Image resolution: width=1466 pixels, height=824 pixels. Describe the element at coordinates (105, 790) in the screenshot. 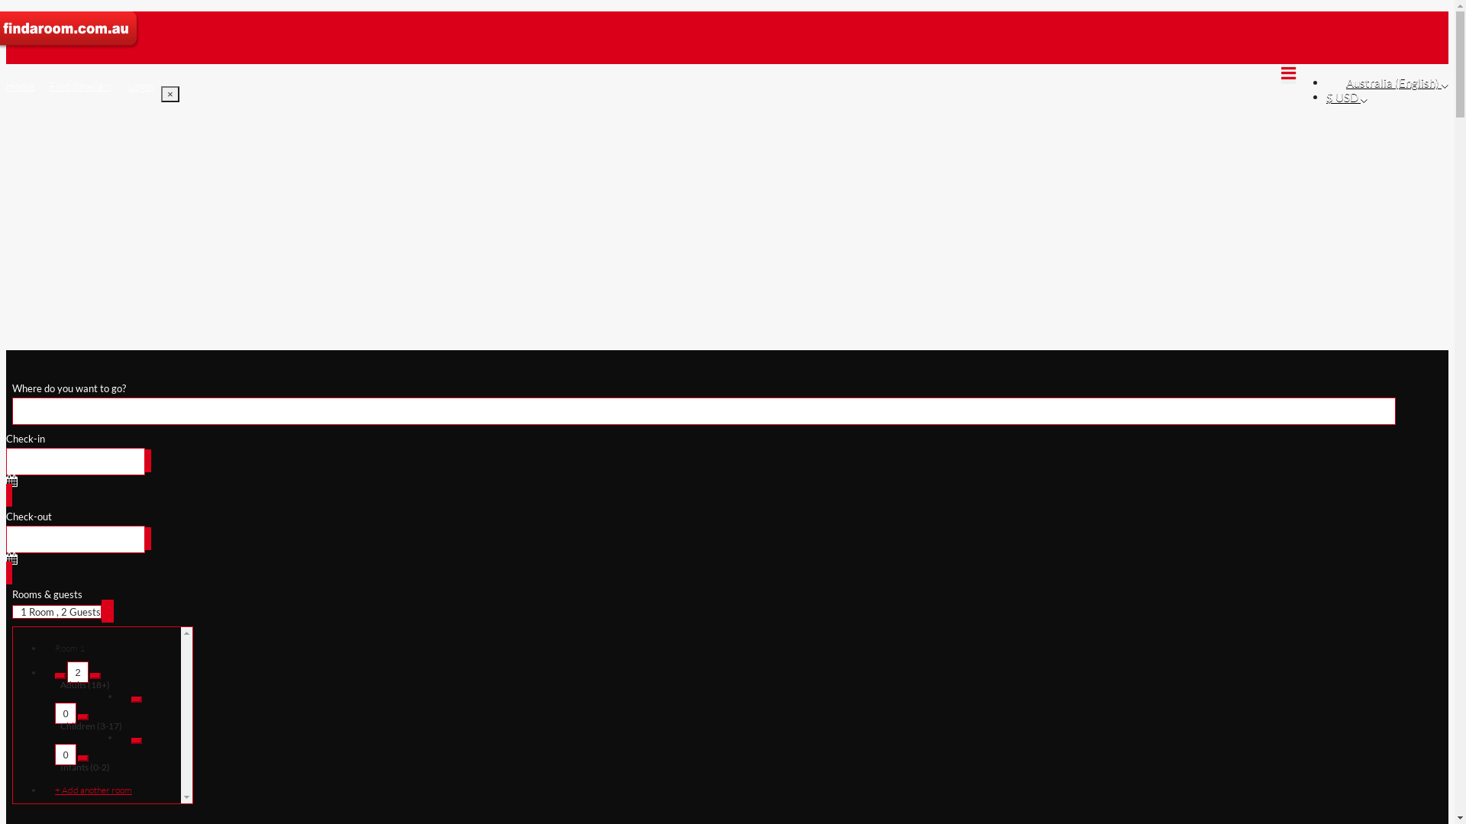

I see `'+ Add another room'` at that location.